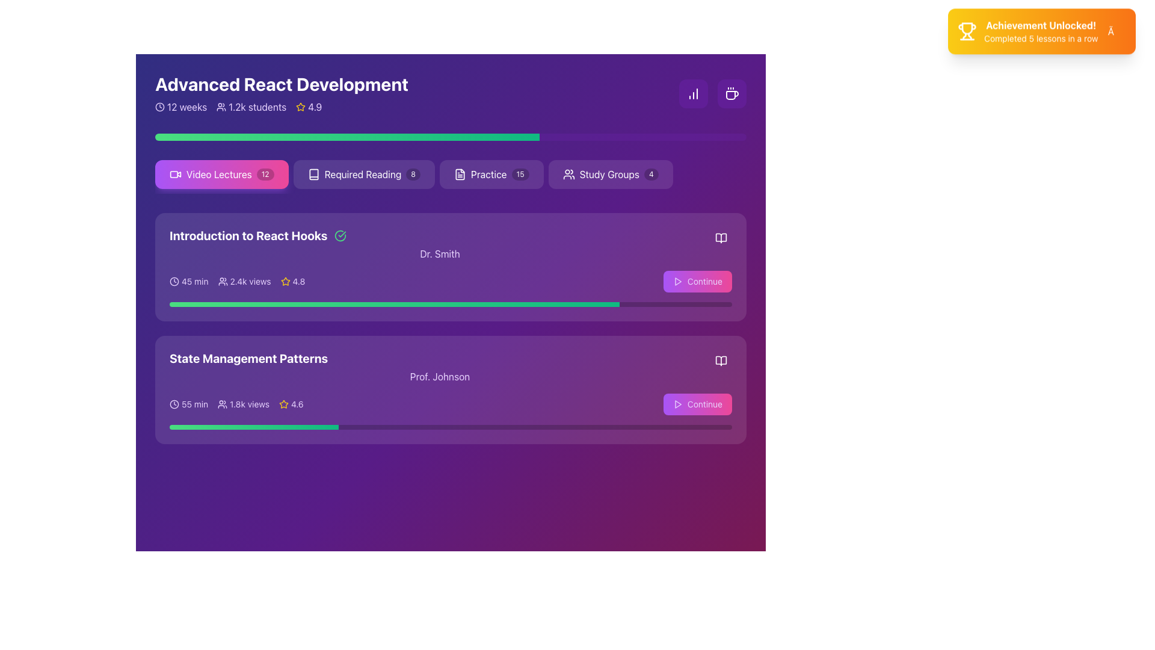 The height and width of the screenshot is (650, 1155). Describe the element at coordinates (439, 376) in the screenshot. I see `the Text Label displaying the instructor or creator's name associated with the lesson titled 'State Management Patterns'` at that location.